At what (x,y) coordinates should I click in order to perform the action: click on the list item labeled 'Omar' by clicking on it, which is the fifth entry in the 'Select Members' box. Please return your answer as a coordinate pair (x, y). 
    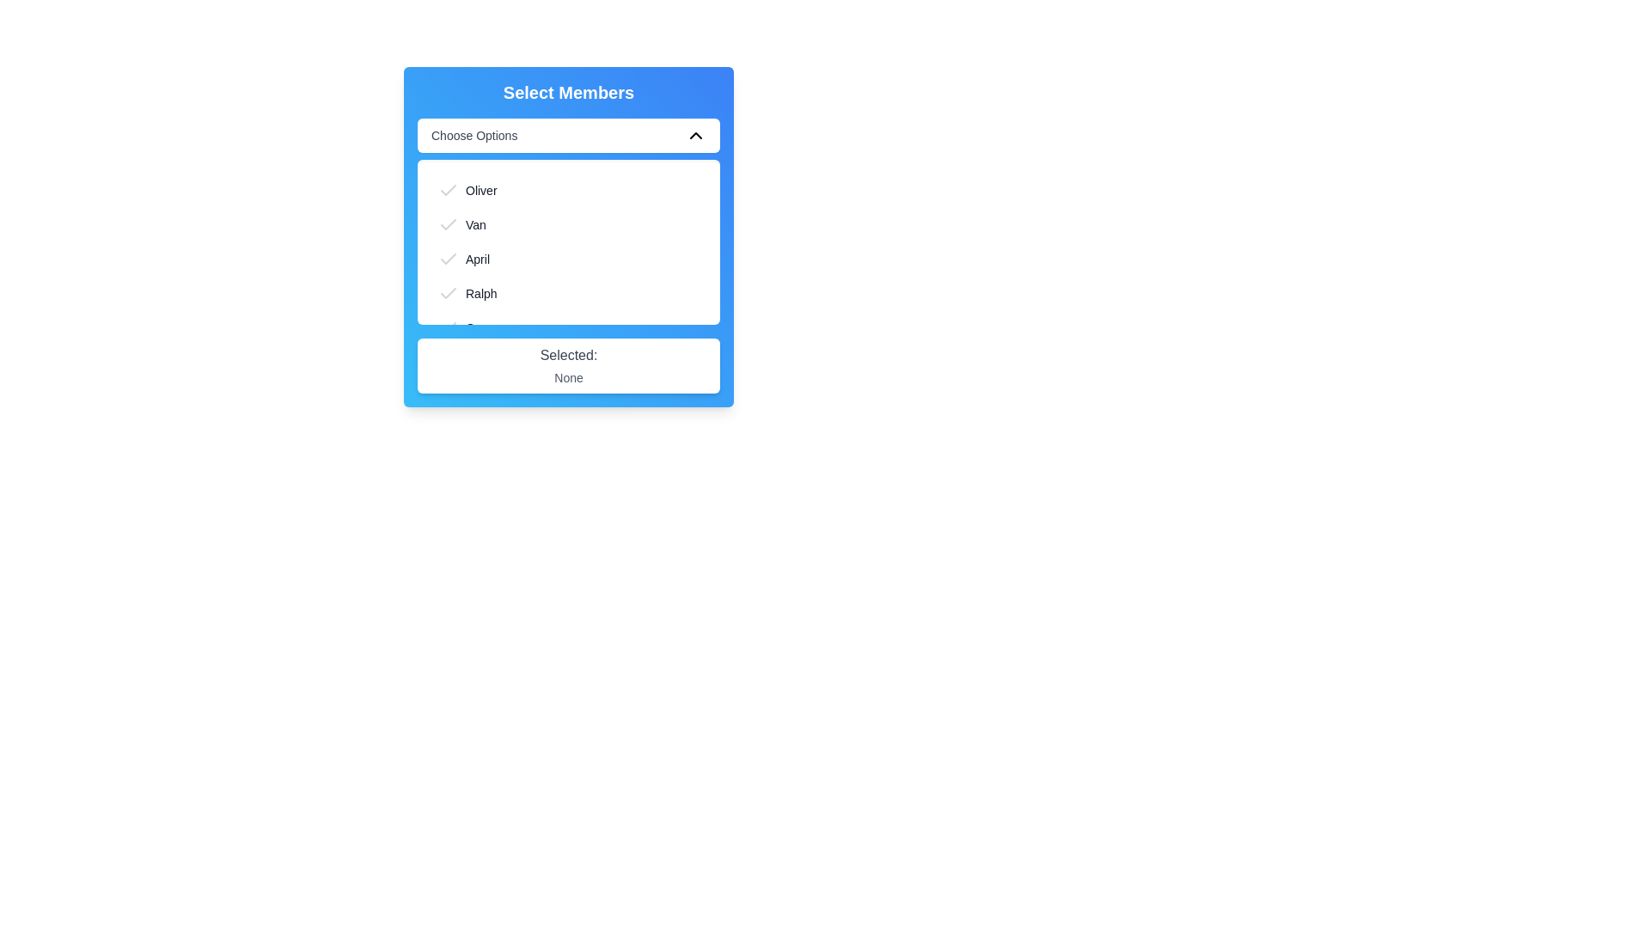
    Looking at the image, I should click on (569, 327).